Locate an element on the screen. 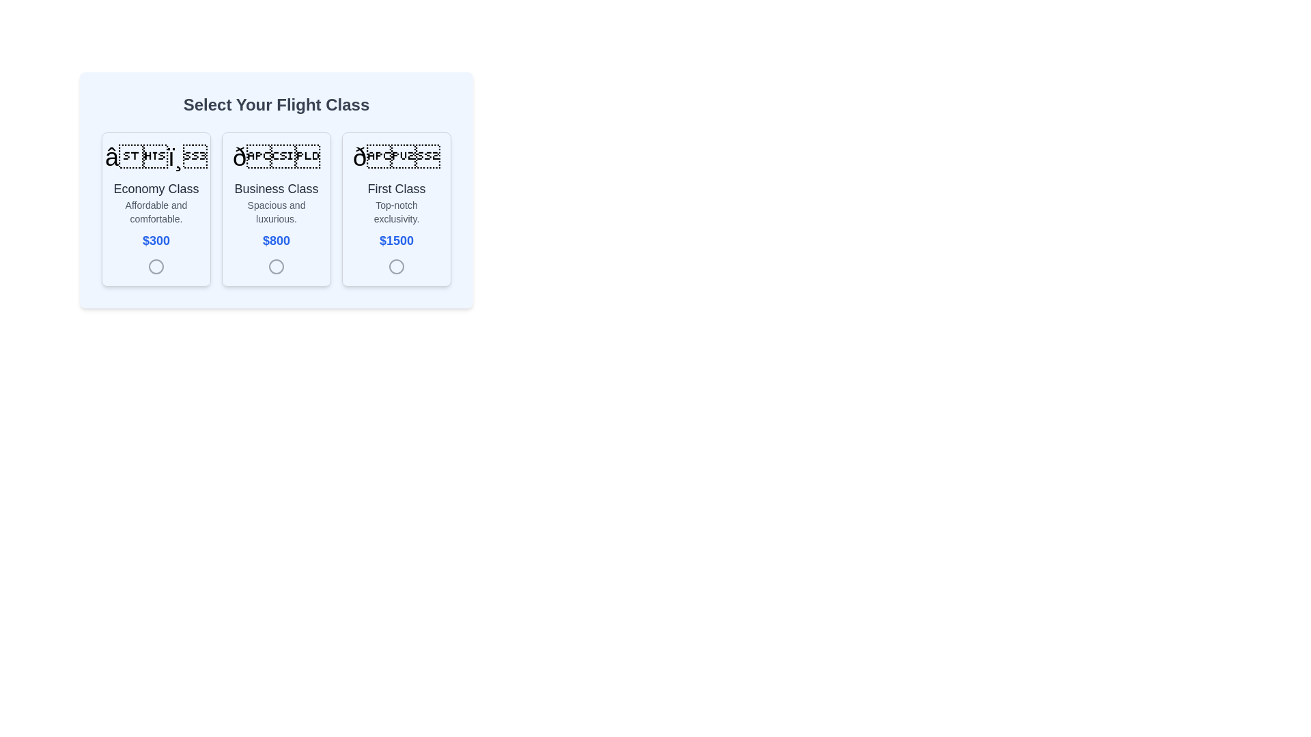 The image size is (1311, 737). the small gray-stroked circle within the radio button is located at coordinates (395, 266).